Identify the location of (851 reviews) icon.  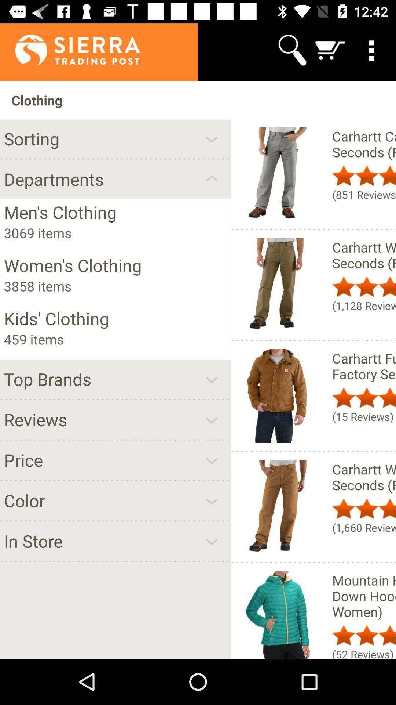
(364, 194).